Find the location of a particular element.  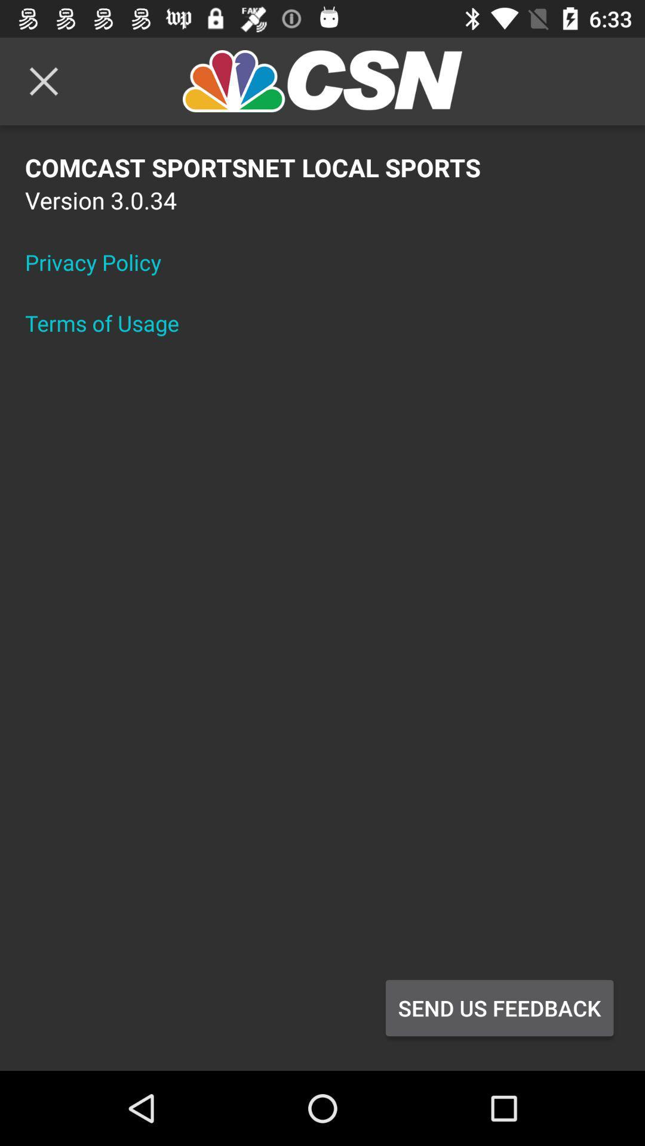

the send us feedback is located at coordinates (499, 1008).